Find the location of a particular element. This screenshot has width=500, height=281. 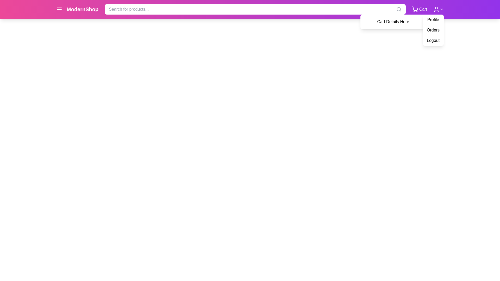

the 'ModernShop' label, which features bold white text on a vibrant pink background, located in the upper-left section of the interface in the site header is located at coordinates (77, 9).